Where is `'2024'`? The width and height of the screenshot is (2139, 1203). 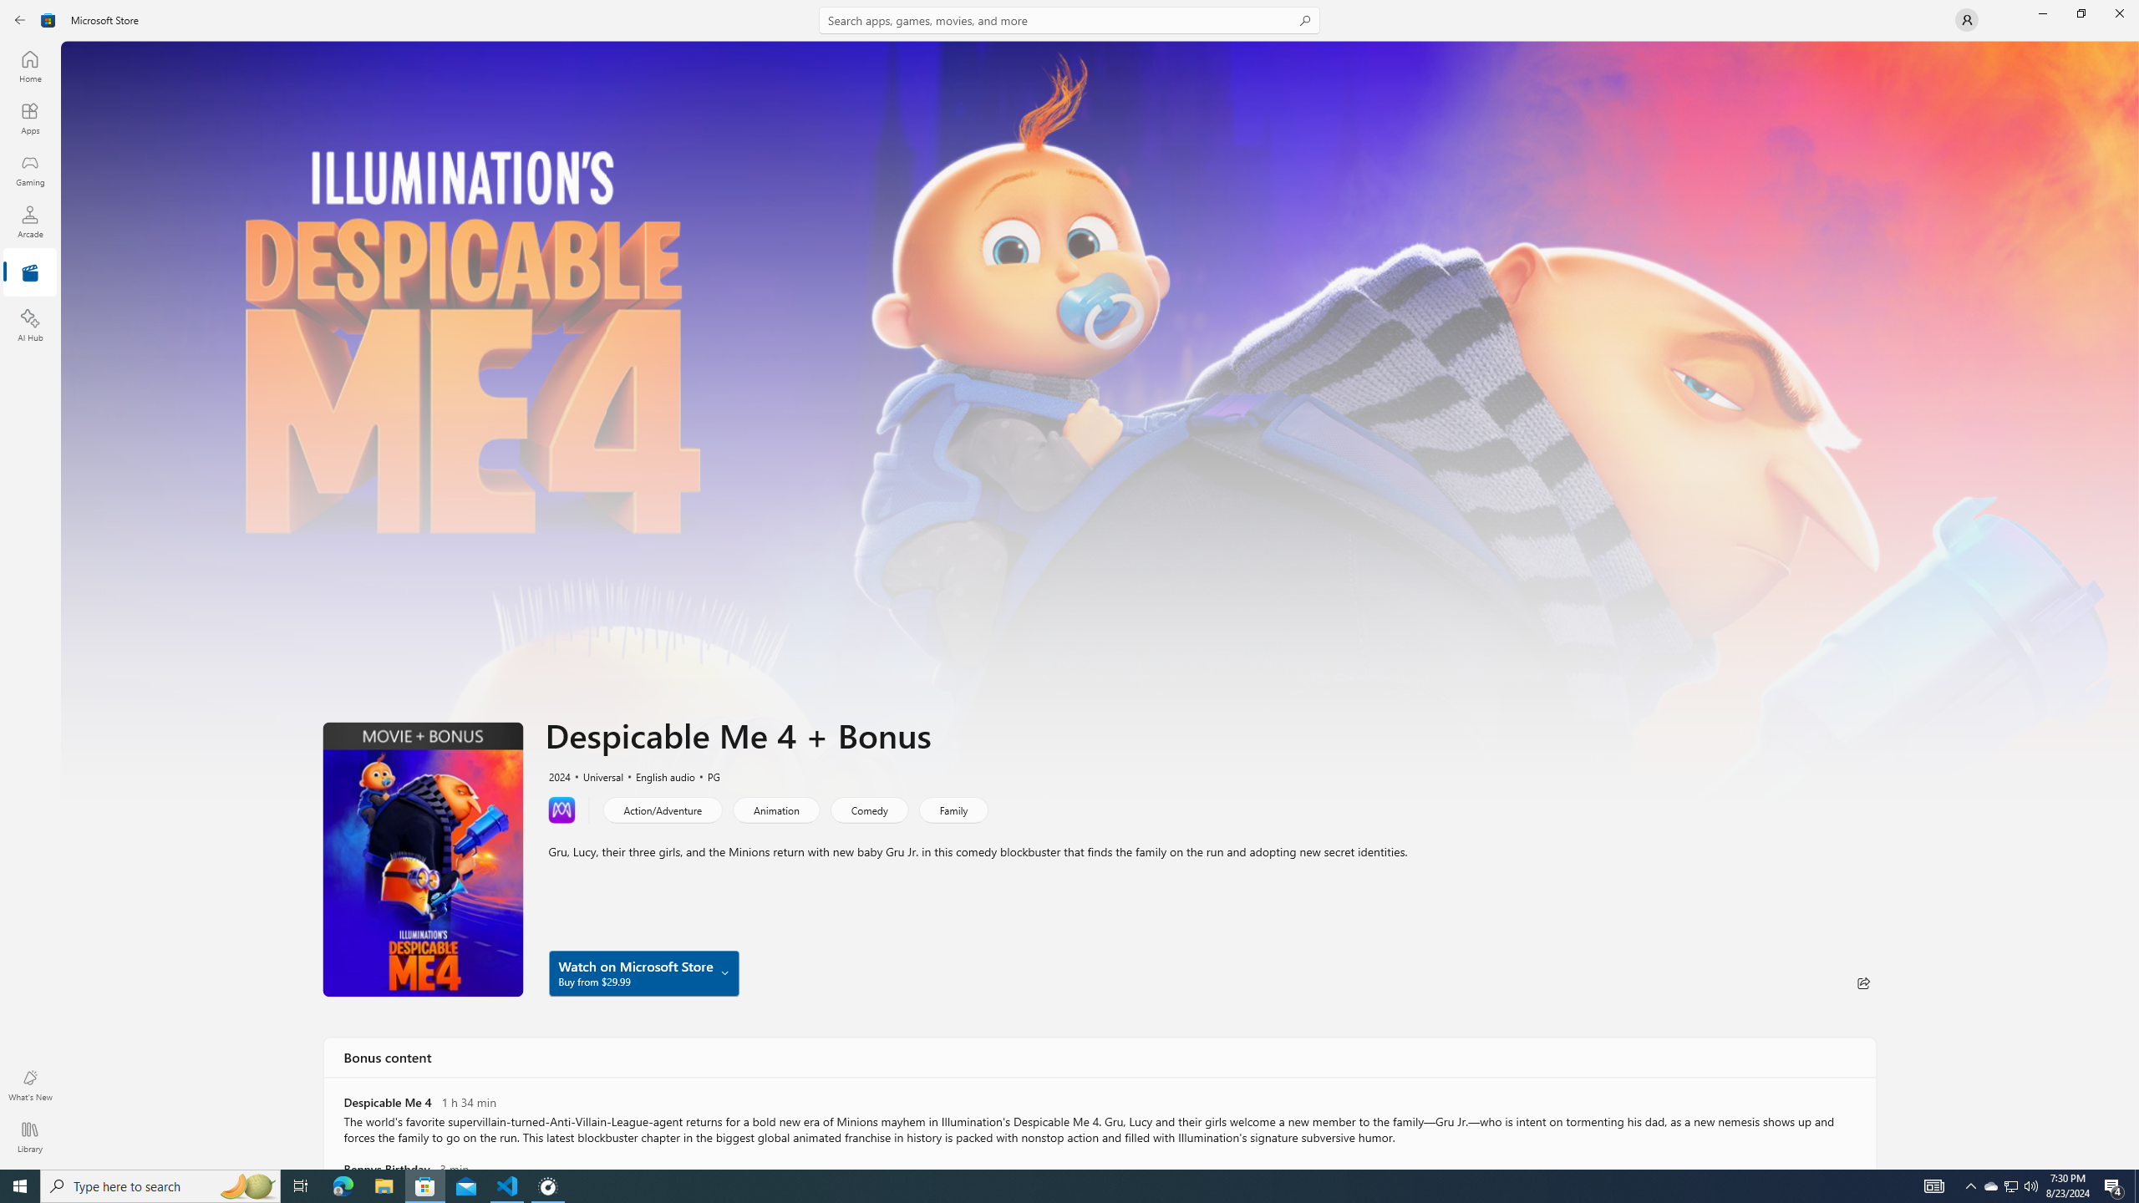
'2024' is located at coordinates (558, 774).